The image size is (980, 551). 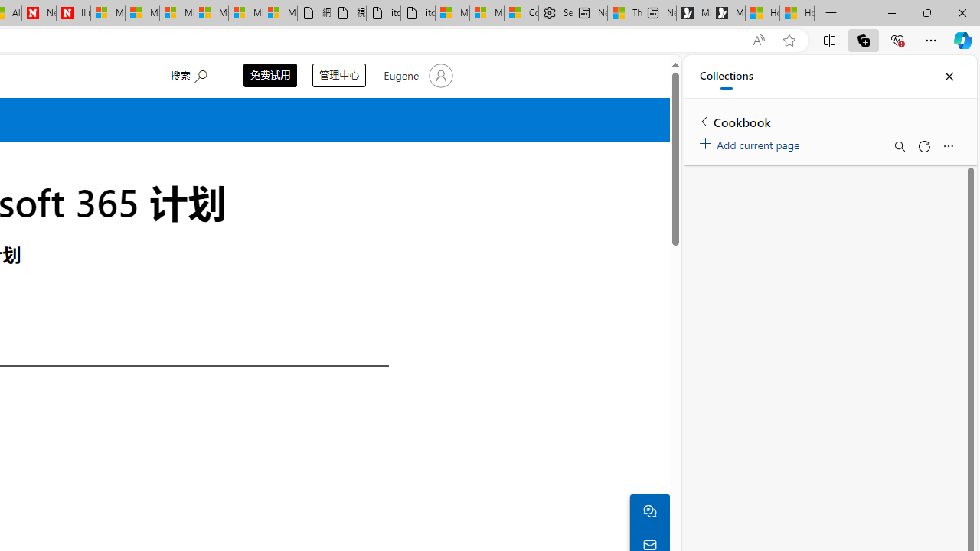 I want to click on 'Consumer Health Data Privacy Policy', so click(x=521, y=13).